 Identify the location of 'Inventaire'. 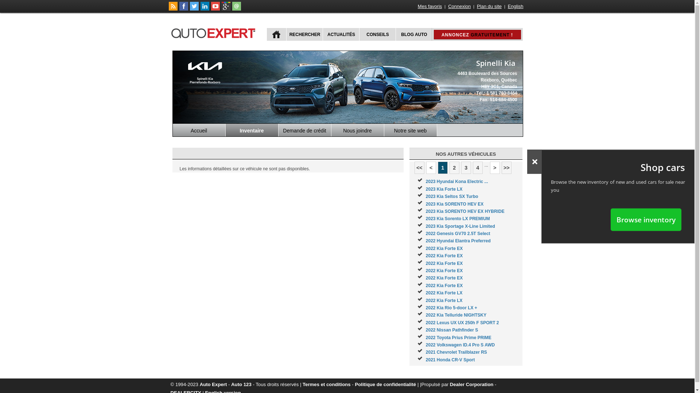
(225, 130).